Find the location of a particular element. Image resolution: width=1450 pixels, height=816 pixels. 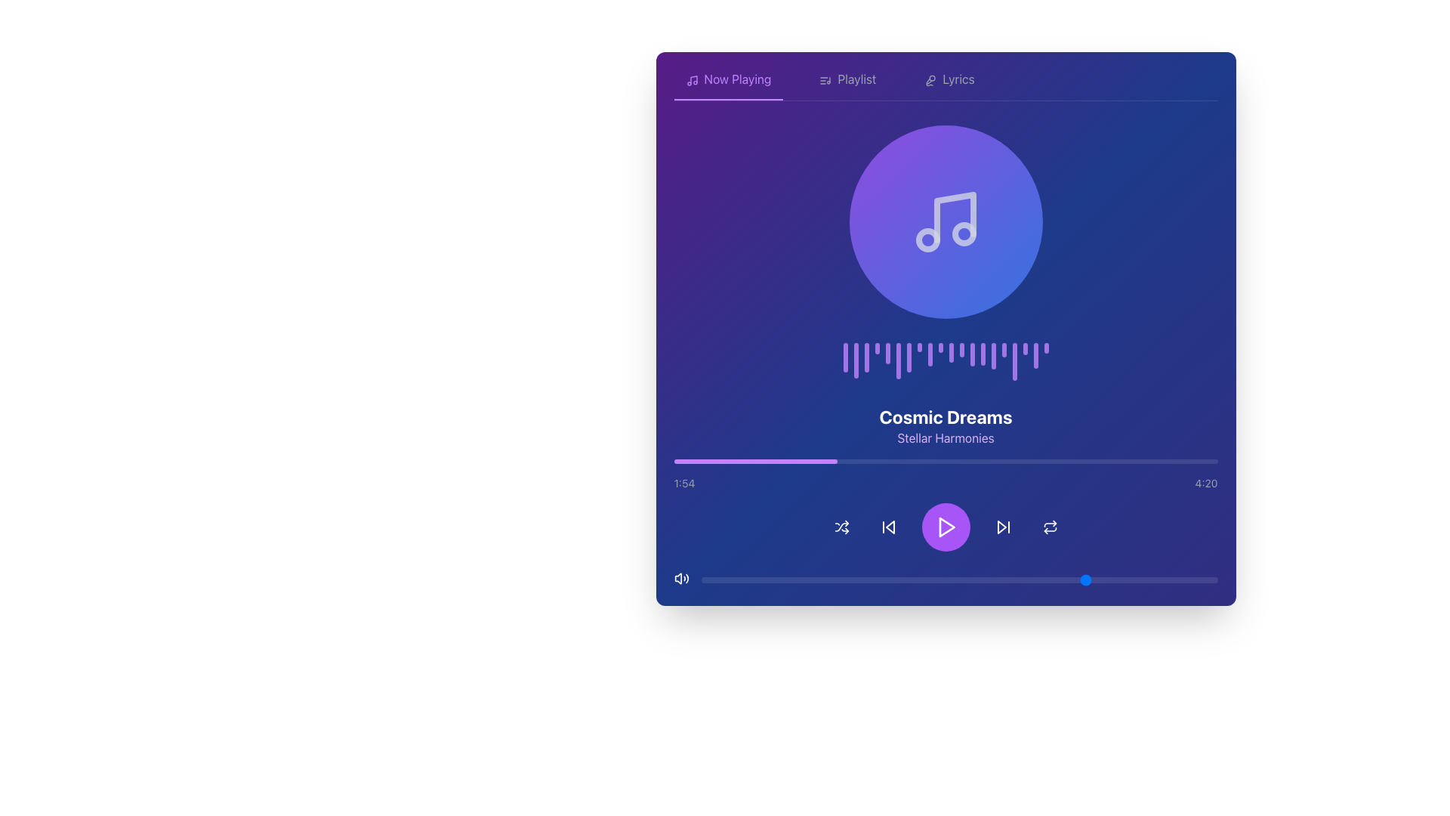

playback progress is located at coordinates (711, 460).